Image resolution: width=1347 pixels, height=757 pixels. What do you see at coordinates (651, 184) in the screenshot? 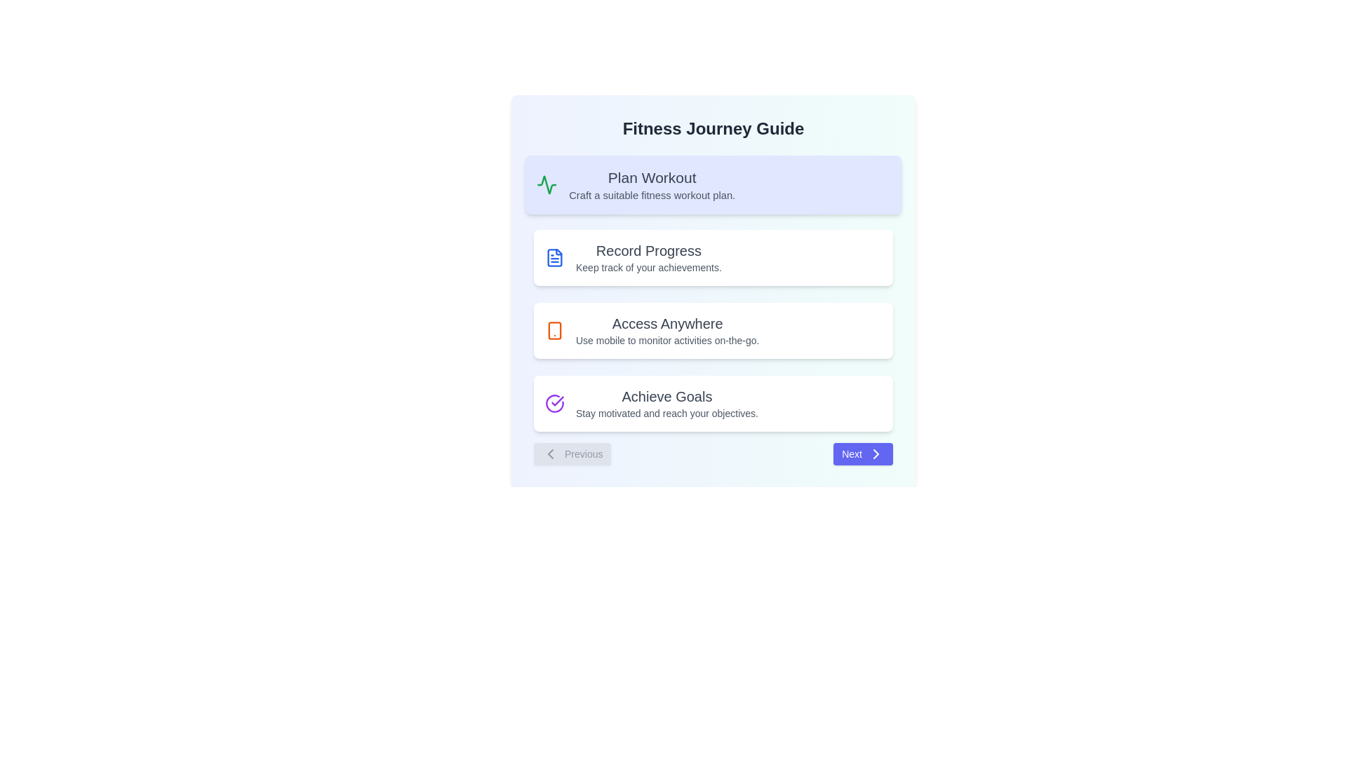
I see `the Informative text element that features the heading 'Plan Workout' and the subtext 'Craft a suitable fitness workout plan', which is located to the right of a heart rate line icon at the top of a vertical list` at bounding box center [651, 184].